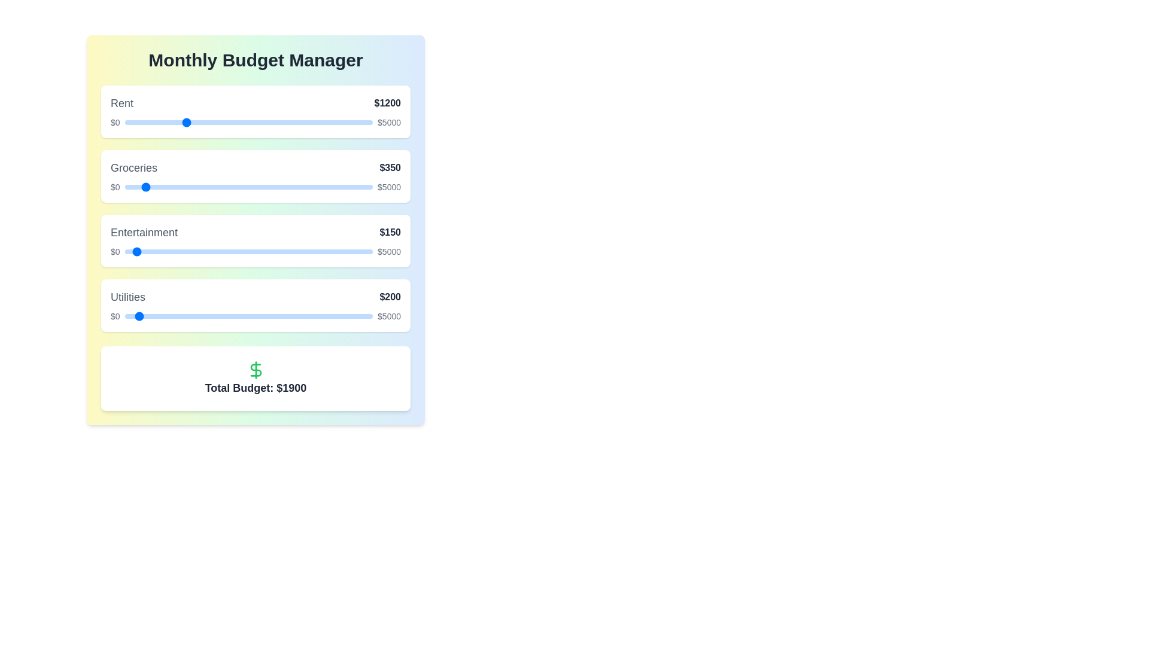  What do you see at coordinates (255, 315) in the screenshot?
I see `the slider input located in the 'Utilities' section, which features a blue-filled range on a light blue bar and displays the current value of '$200' above it` at bounding box center [255, 315].